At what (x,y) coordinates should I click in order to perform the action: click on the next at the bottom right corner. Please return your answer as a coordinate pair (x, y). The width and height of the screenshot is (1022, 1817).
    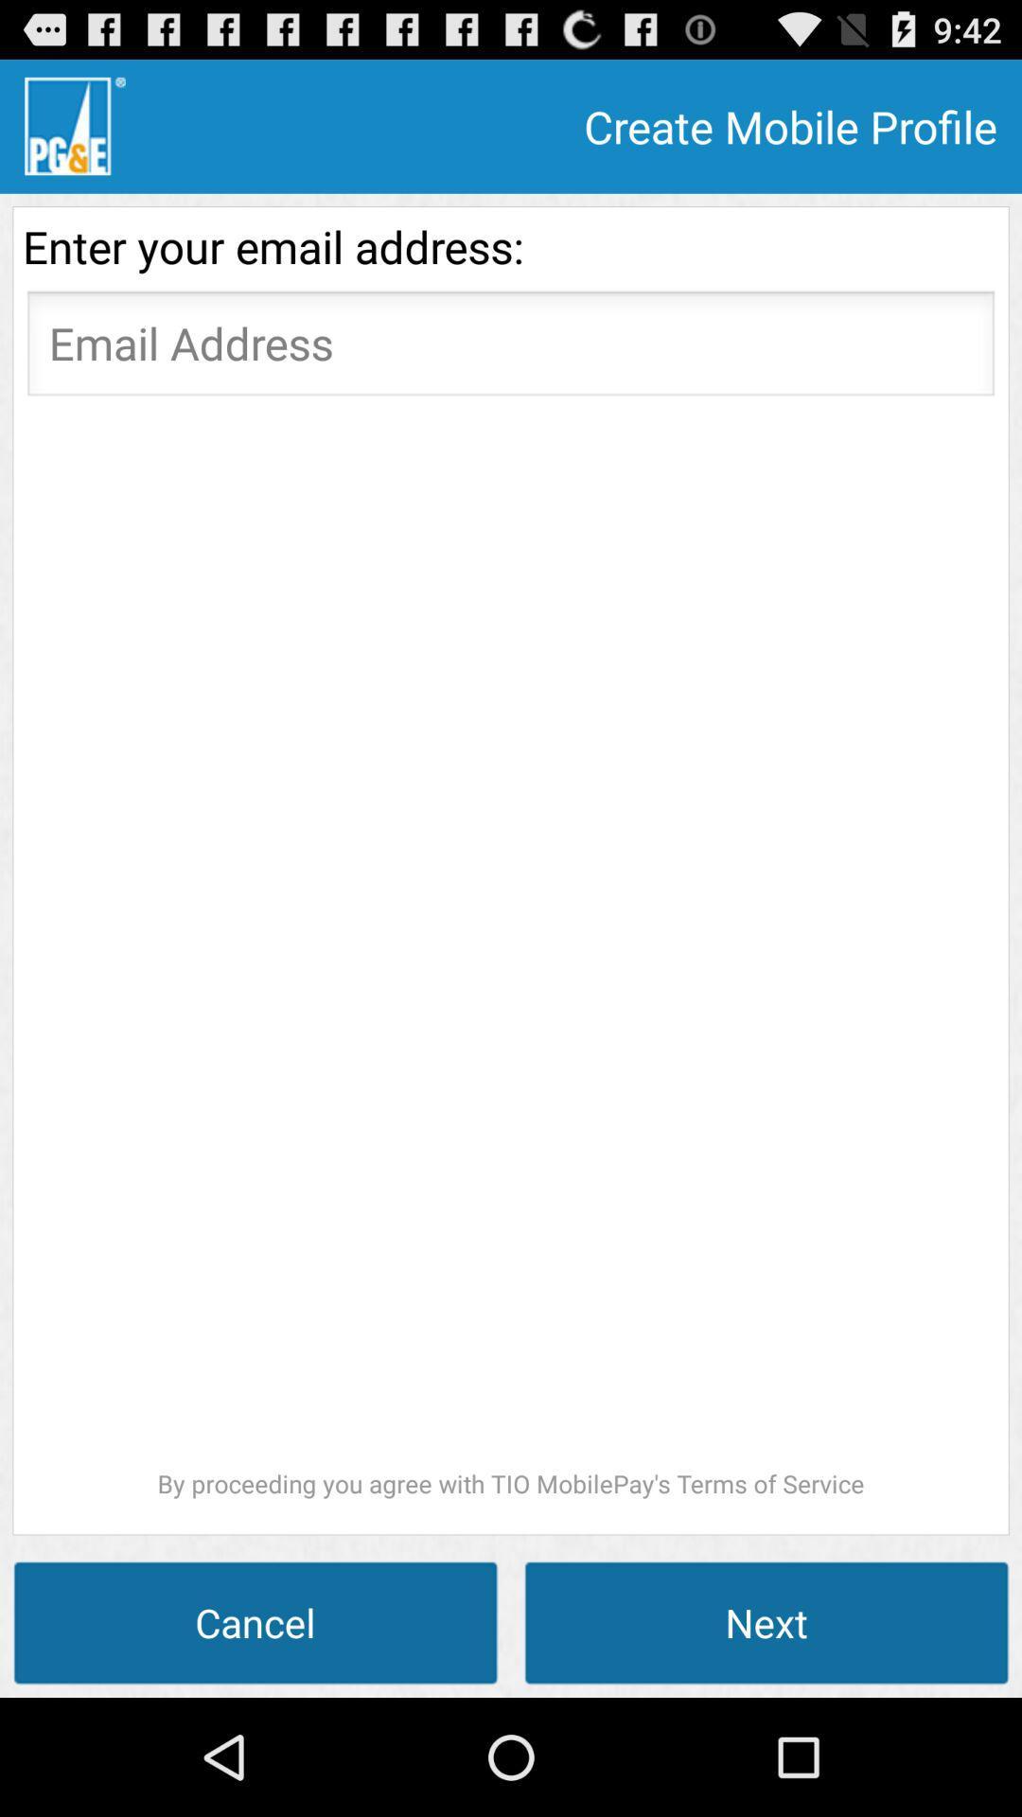
    Looking at the image, I should click on (766, 1621).